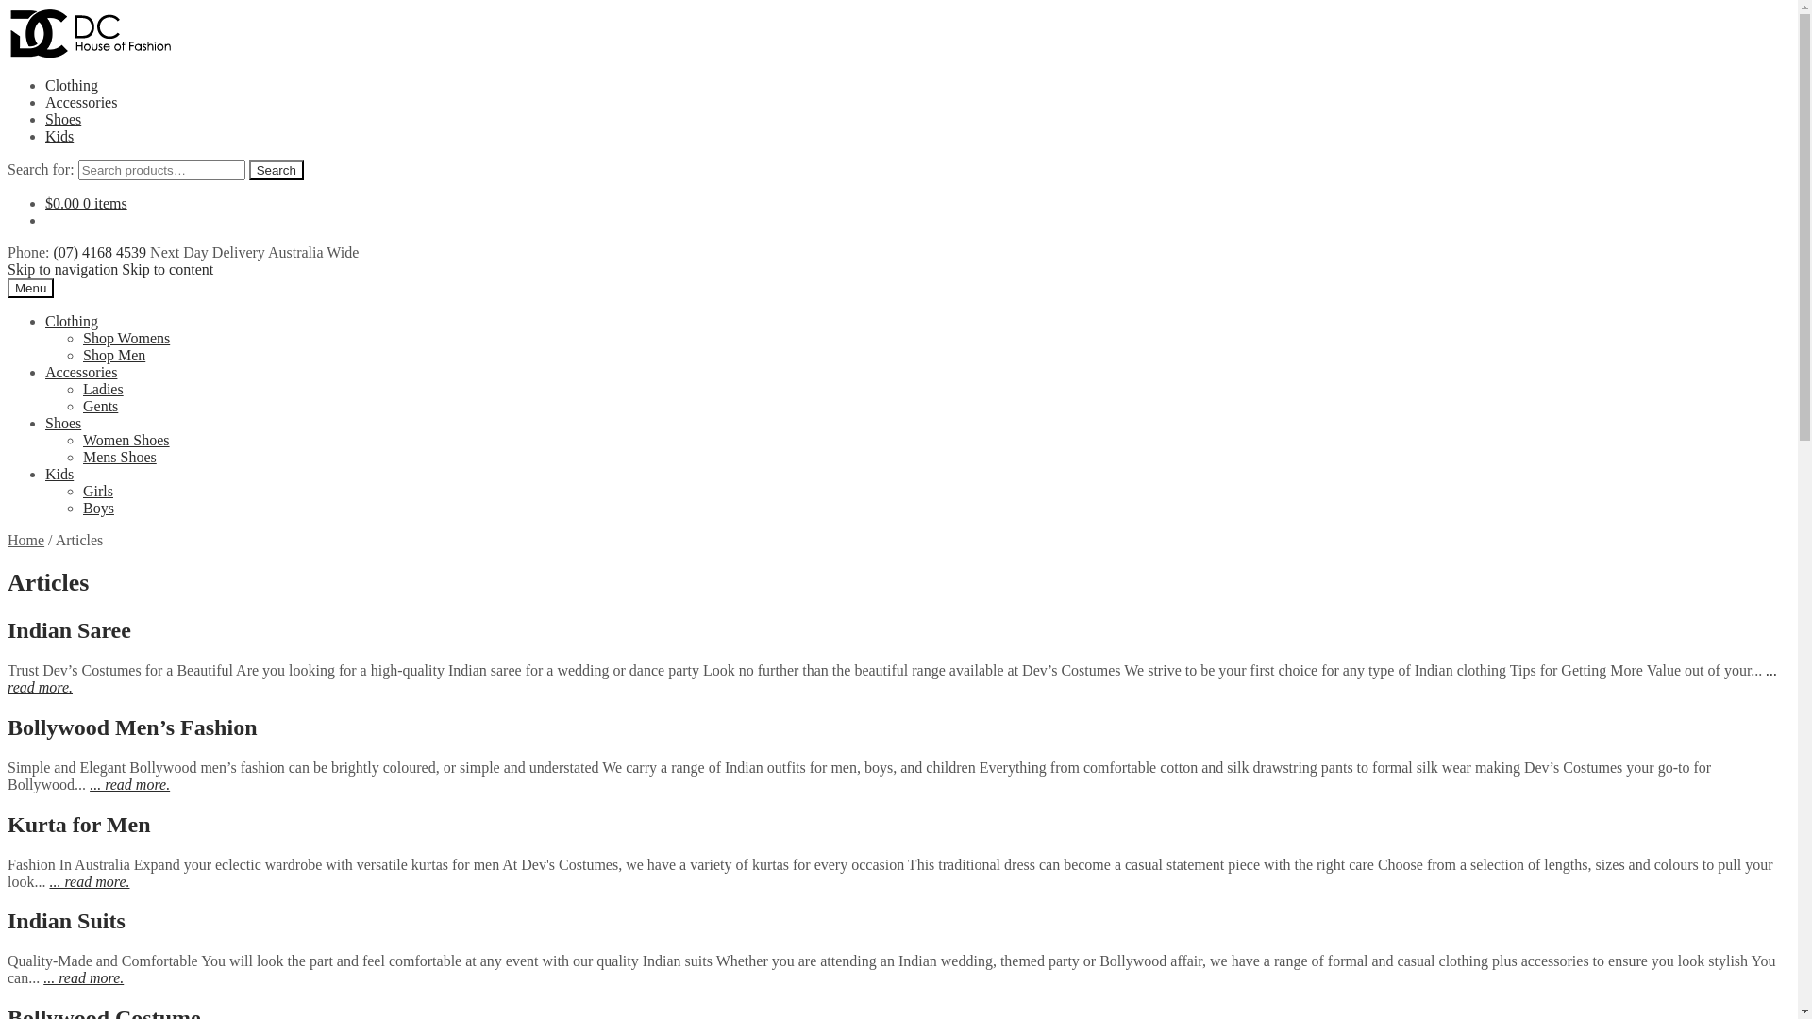 The image size is (1812, 1019). What do you see at coordinates (99, 405) in the screenshot?
I see `'Gents'` at bounding box center [99, 405].